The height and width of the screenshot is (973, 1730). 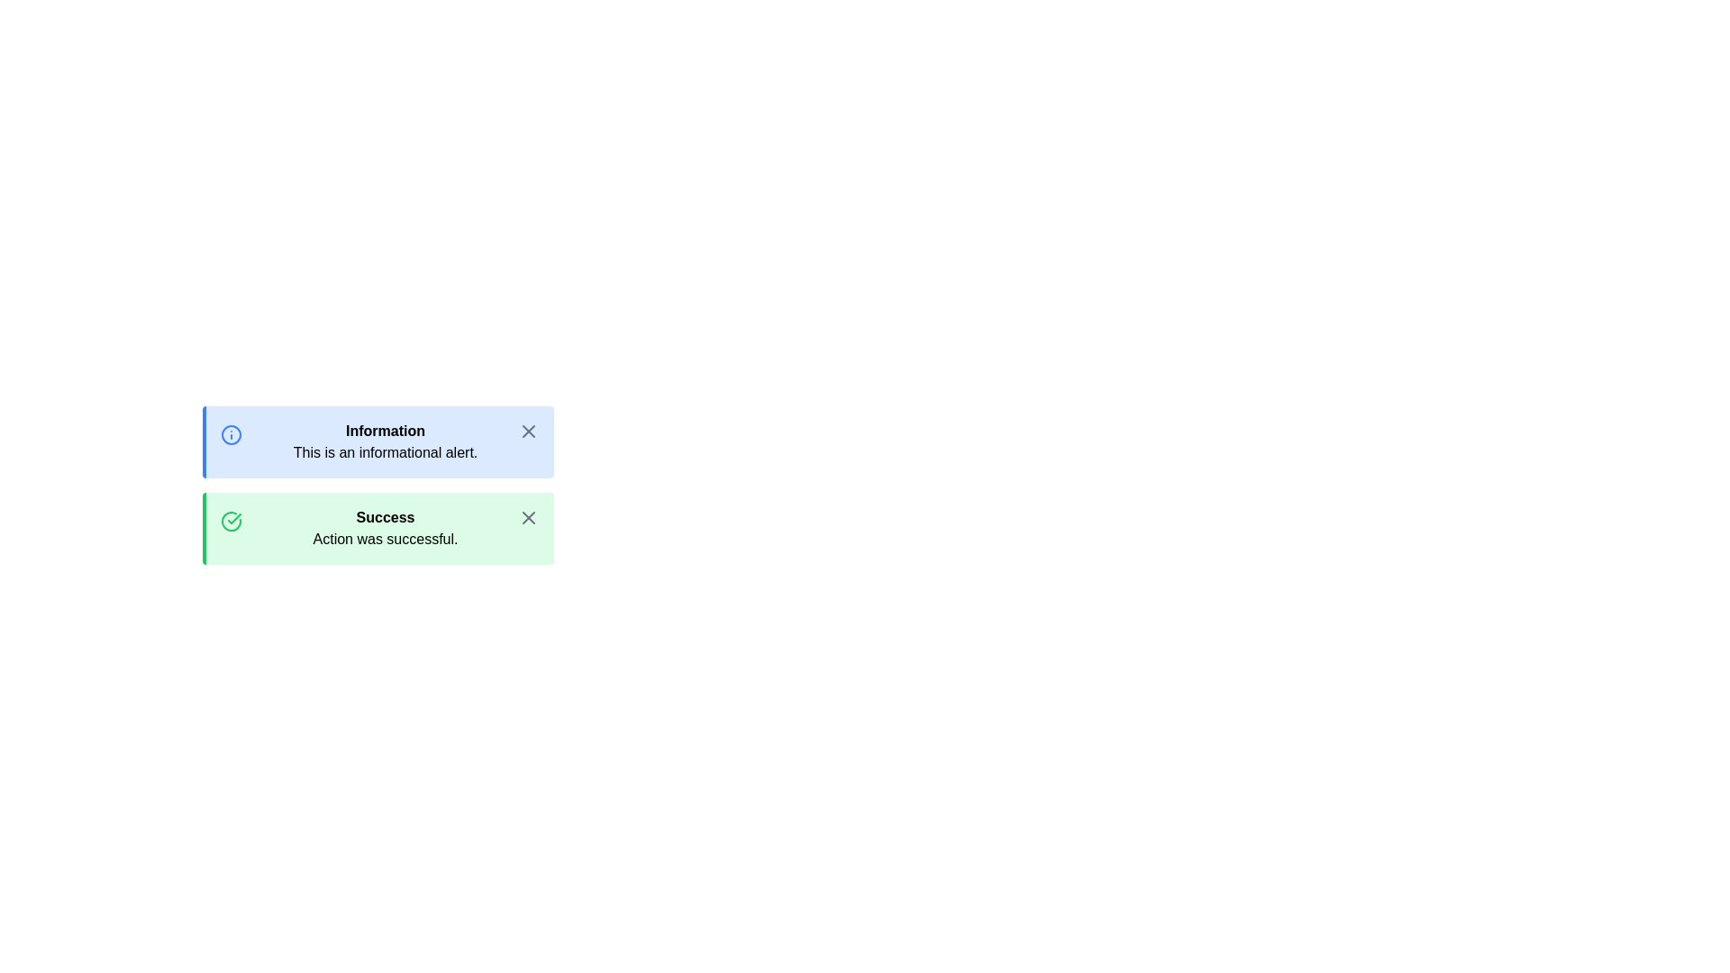 What do you see at coordinates (231, 521) in the screenshot?
I see `the green circular icon with a white check mark located in the top-left corner of the green alert box that indicates success` at bounding box center [231, 521].